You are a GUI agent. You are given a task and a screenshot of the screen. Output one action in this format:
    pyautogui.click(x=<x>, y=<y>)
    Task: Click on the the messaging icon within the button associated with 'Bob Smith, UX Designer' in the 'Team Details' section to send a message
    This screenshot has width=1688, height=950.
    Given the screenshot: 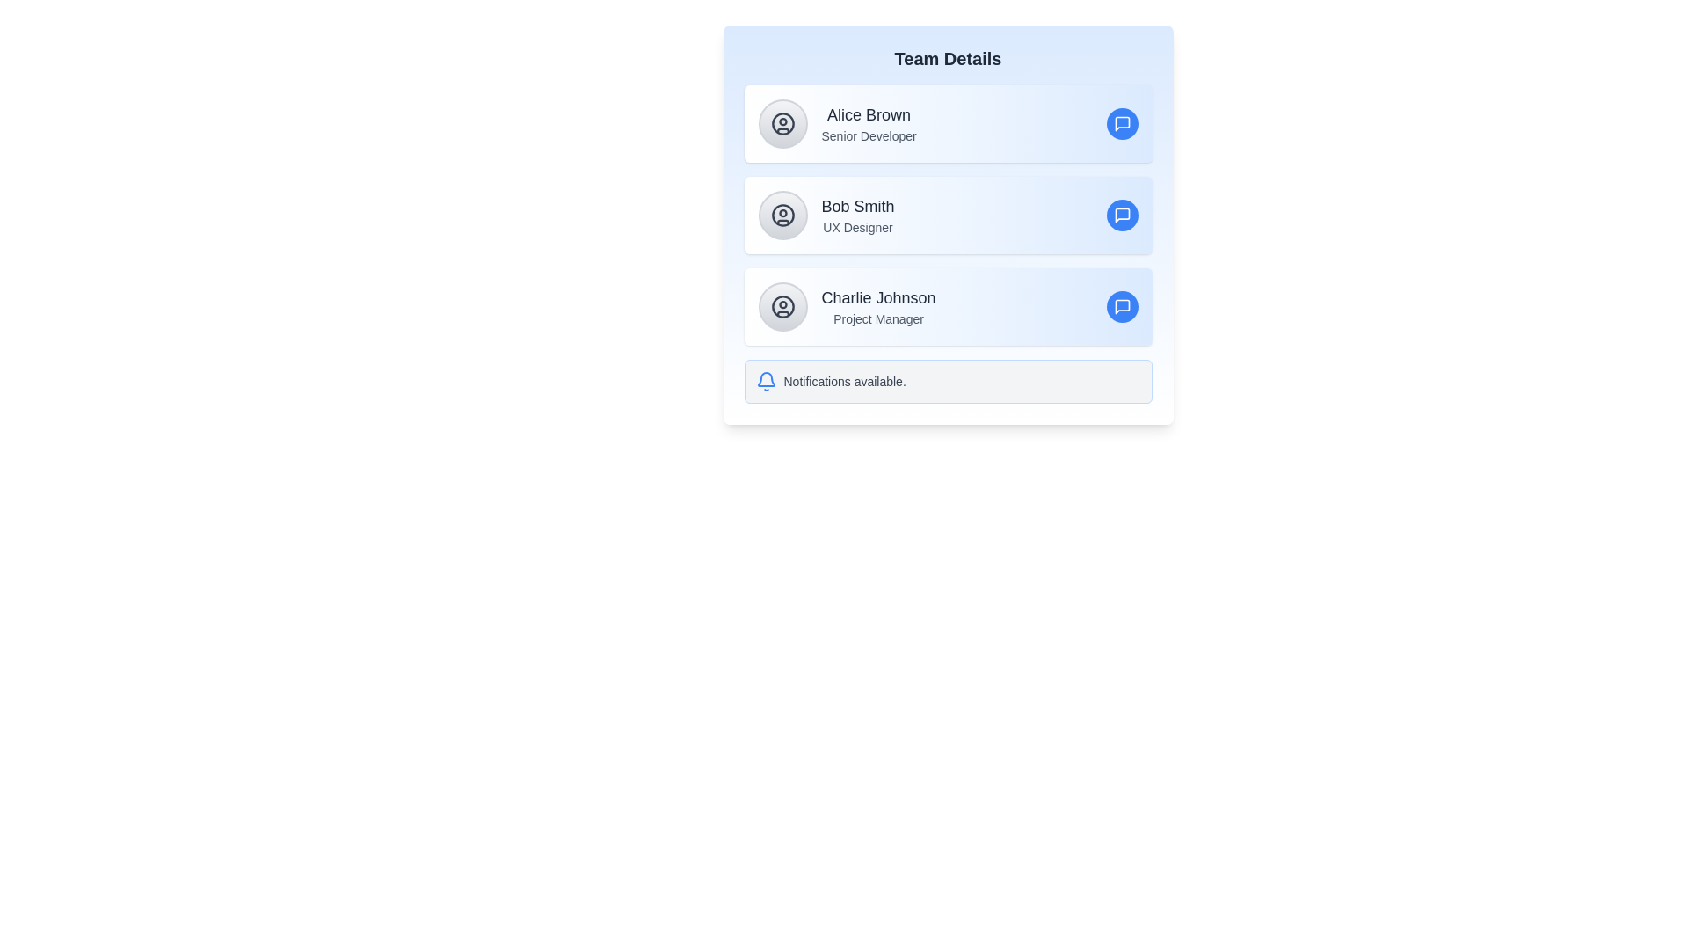 What is the action you would take?
    pyautogui.click(x=1121, y=123)
    